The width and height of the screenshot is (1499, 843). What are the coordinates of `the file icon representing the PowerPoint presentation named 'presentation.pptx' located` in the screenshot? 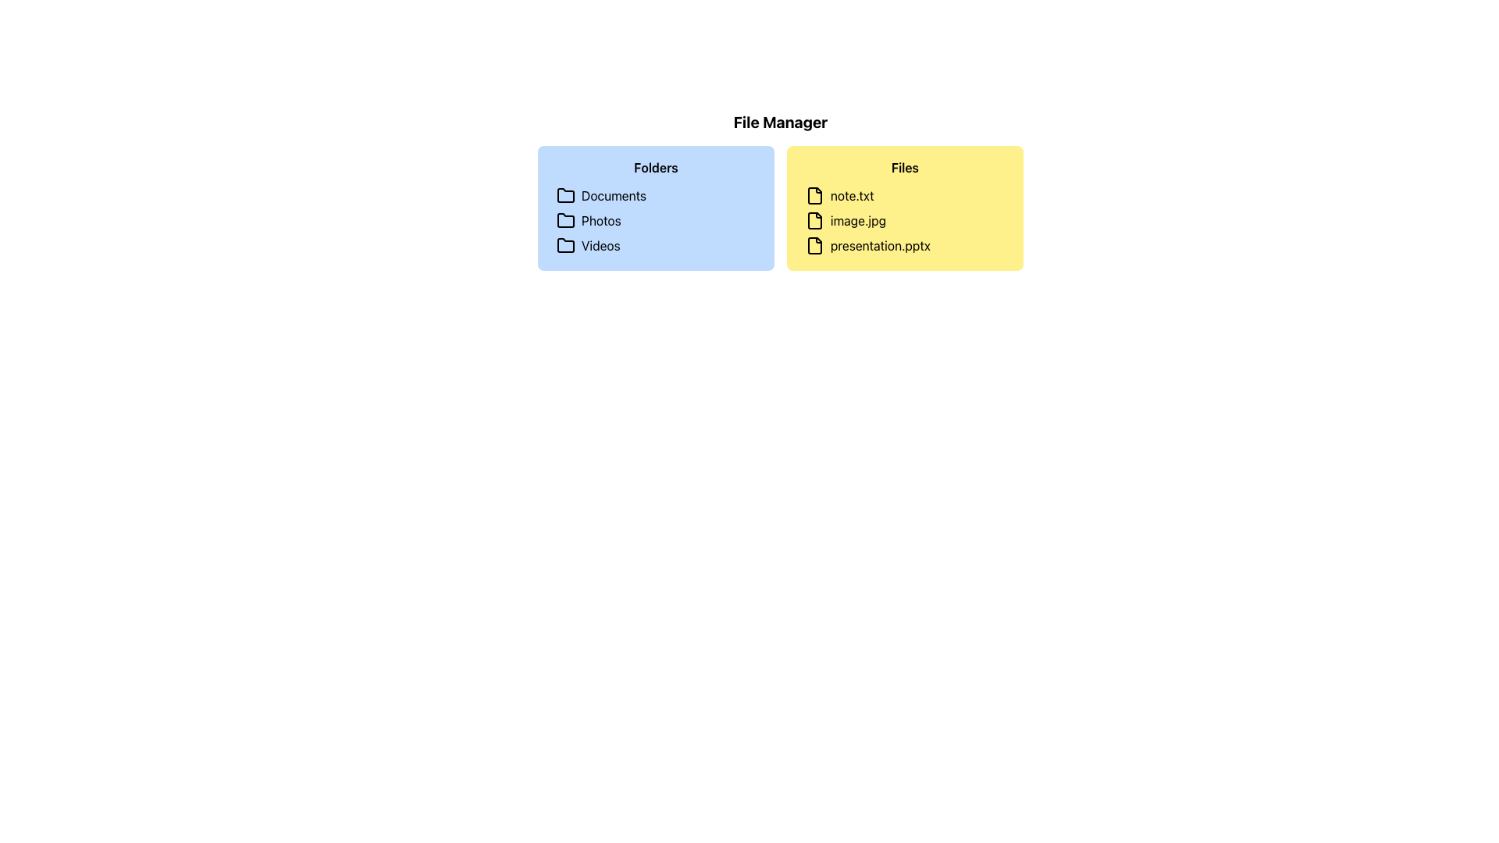 It's located at (814, 246).